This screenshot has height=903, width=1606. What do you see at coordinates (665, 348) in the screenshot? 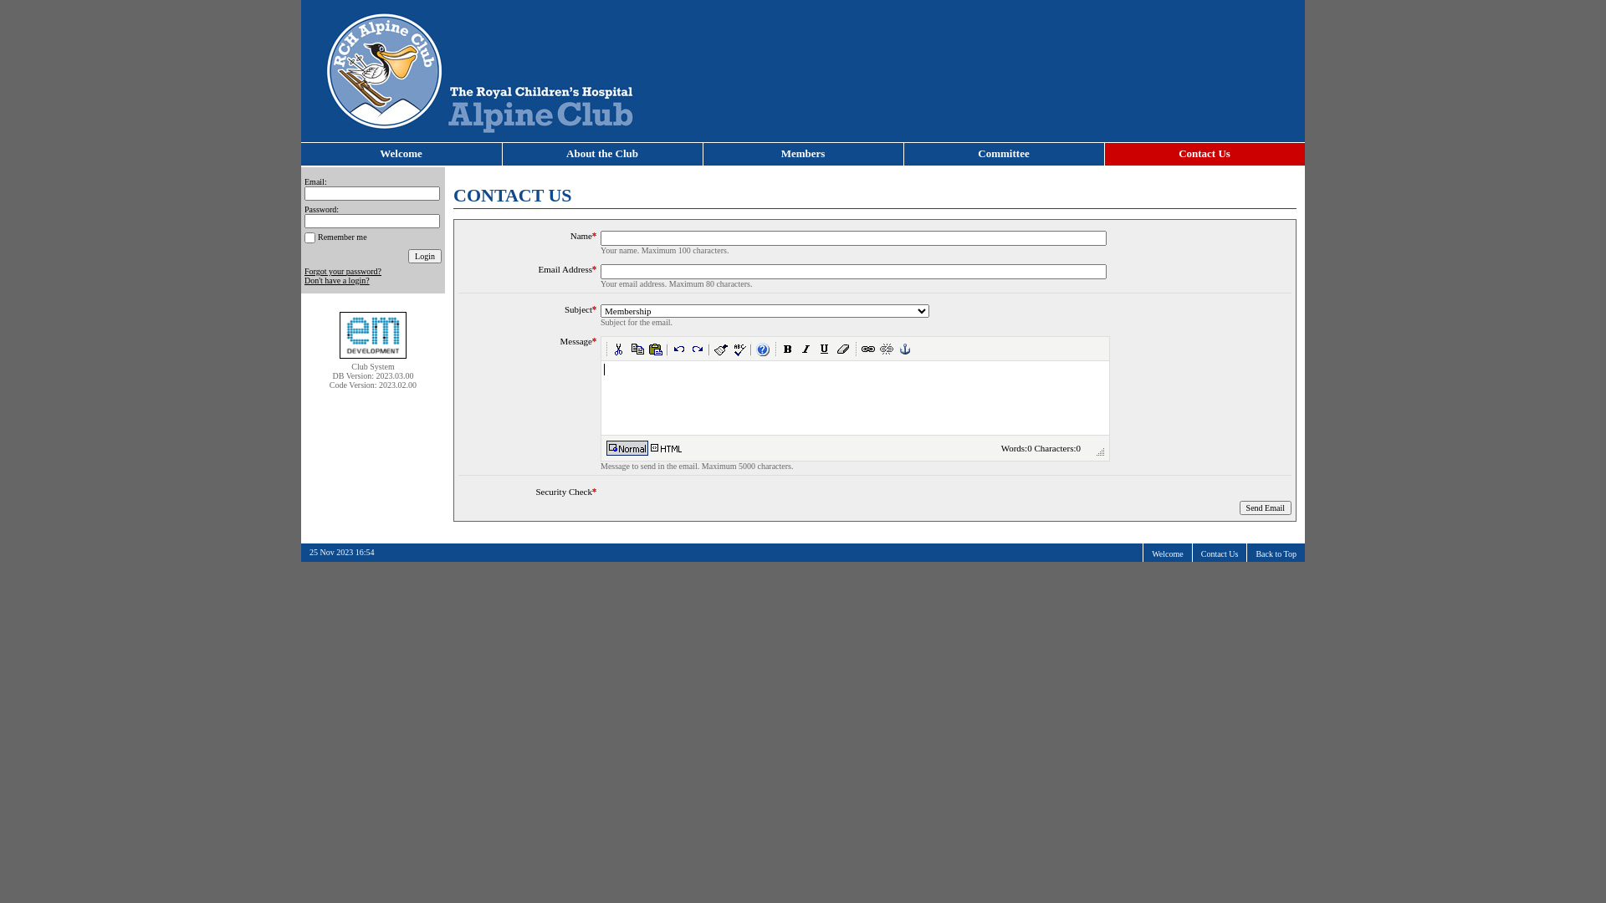
I see `'separator'` at bounding box center [665, 348].